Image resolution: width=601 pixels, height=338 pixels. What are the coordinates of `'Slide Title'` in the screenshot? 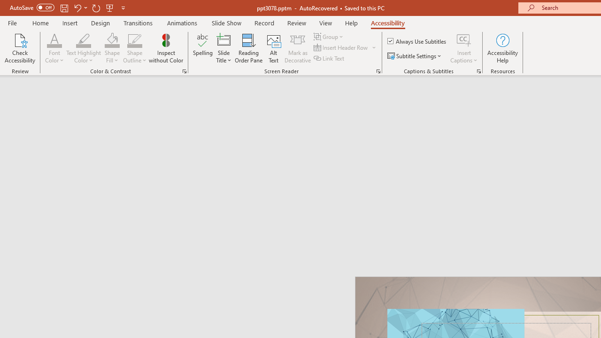 It's located at (223, 48).